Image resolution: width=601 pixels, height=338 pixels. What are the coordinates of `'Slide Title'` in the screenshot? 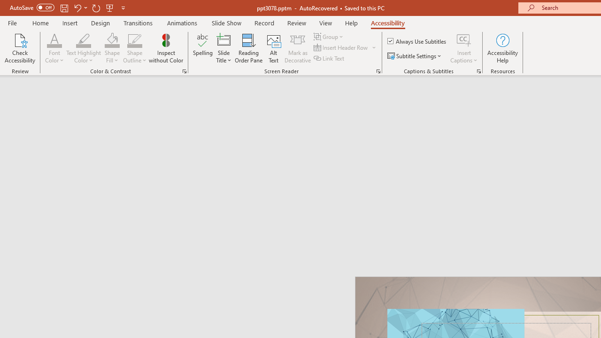 It's located at (223, 48).